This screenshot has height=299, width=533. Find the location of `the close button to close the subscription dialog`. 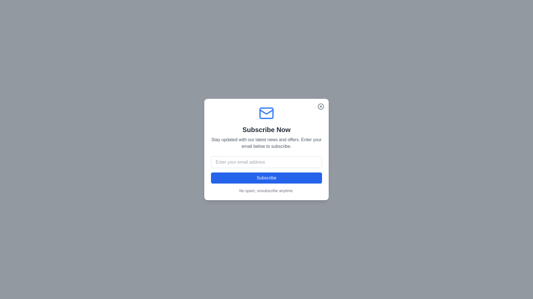

the close button to close the subscription dialog is located at coordinates (321, 107).